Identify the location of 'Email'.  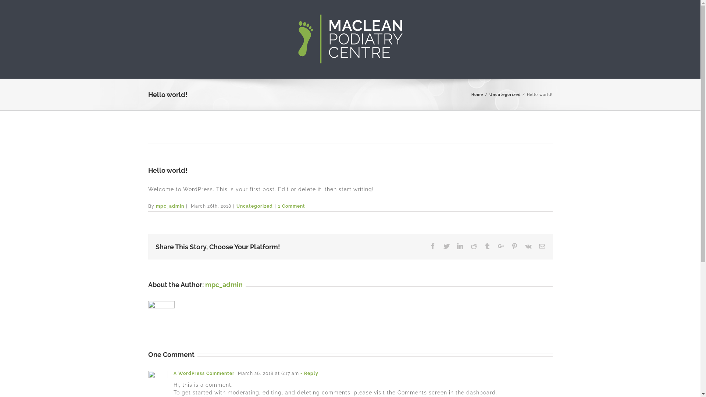
(542, 246).